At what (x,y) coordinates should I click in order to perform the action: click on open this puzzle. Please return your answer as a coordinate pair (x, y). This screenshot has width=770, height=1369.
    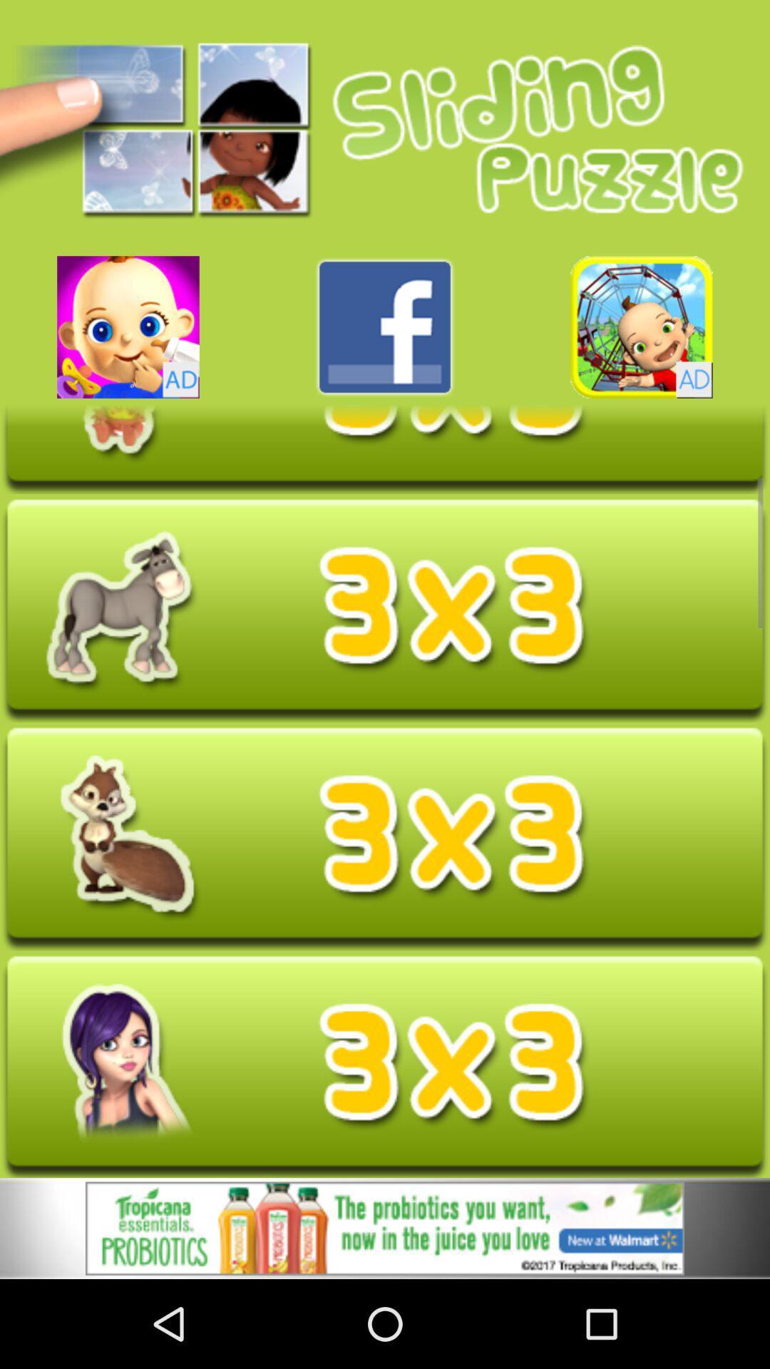
    Looking at the image, I should click on (385, 1067).